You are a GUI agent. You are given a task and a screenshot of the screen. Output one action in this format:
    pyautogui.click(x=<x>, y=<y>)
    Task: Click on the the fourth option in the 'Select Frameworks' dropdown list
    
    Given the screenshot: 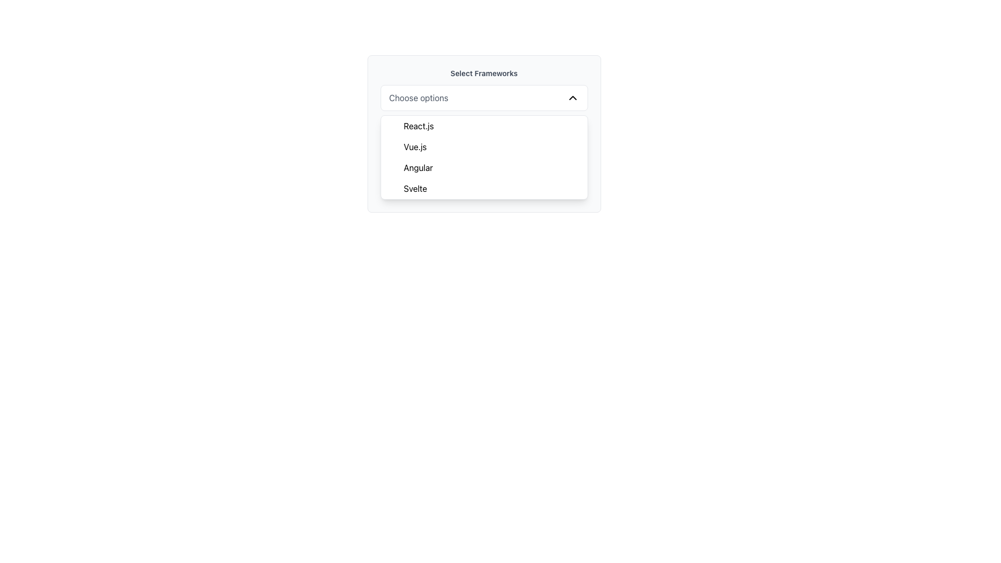 What is the action you would take?
    pyautogui.click(x=483, y=189)
    